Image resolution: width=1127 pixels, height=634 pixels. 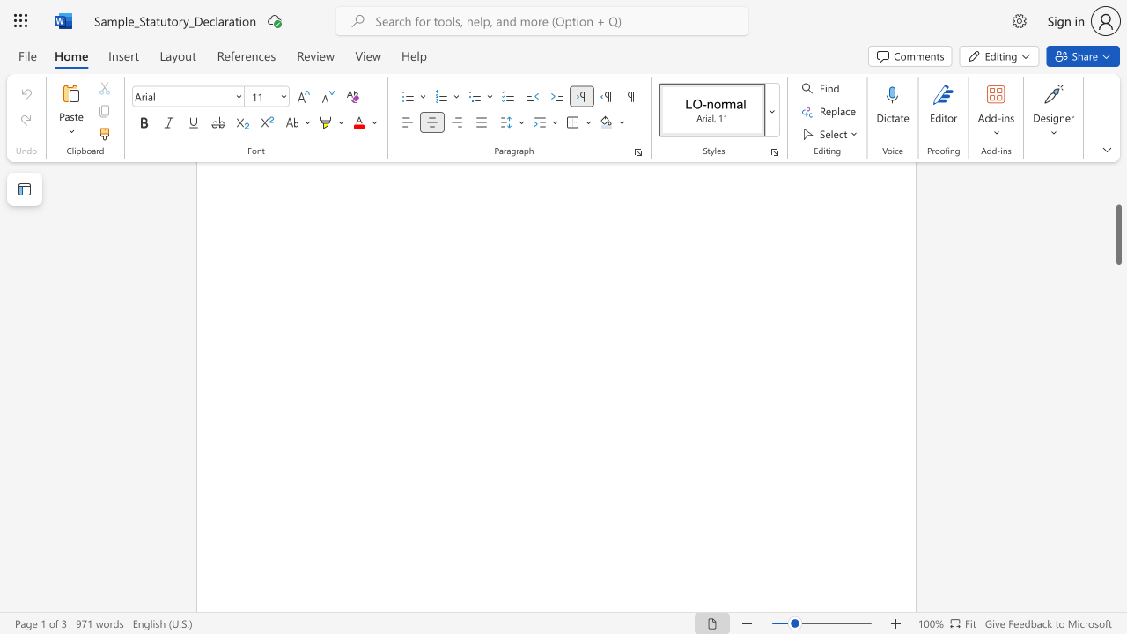 I want to click on the scrollbar and move up 120 pixels, so click(x=1117, y=234).